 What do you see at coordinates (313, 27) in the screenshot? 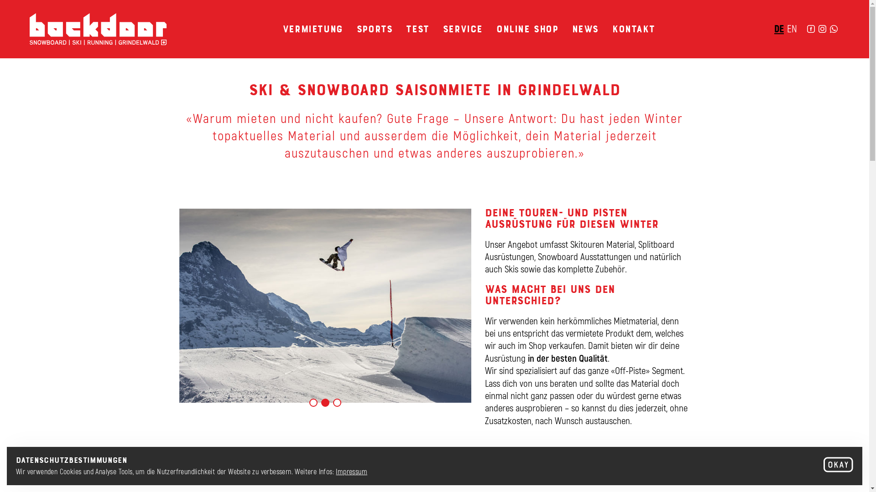
I see `'Vermietung'` at bounding box center [313, 27].